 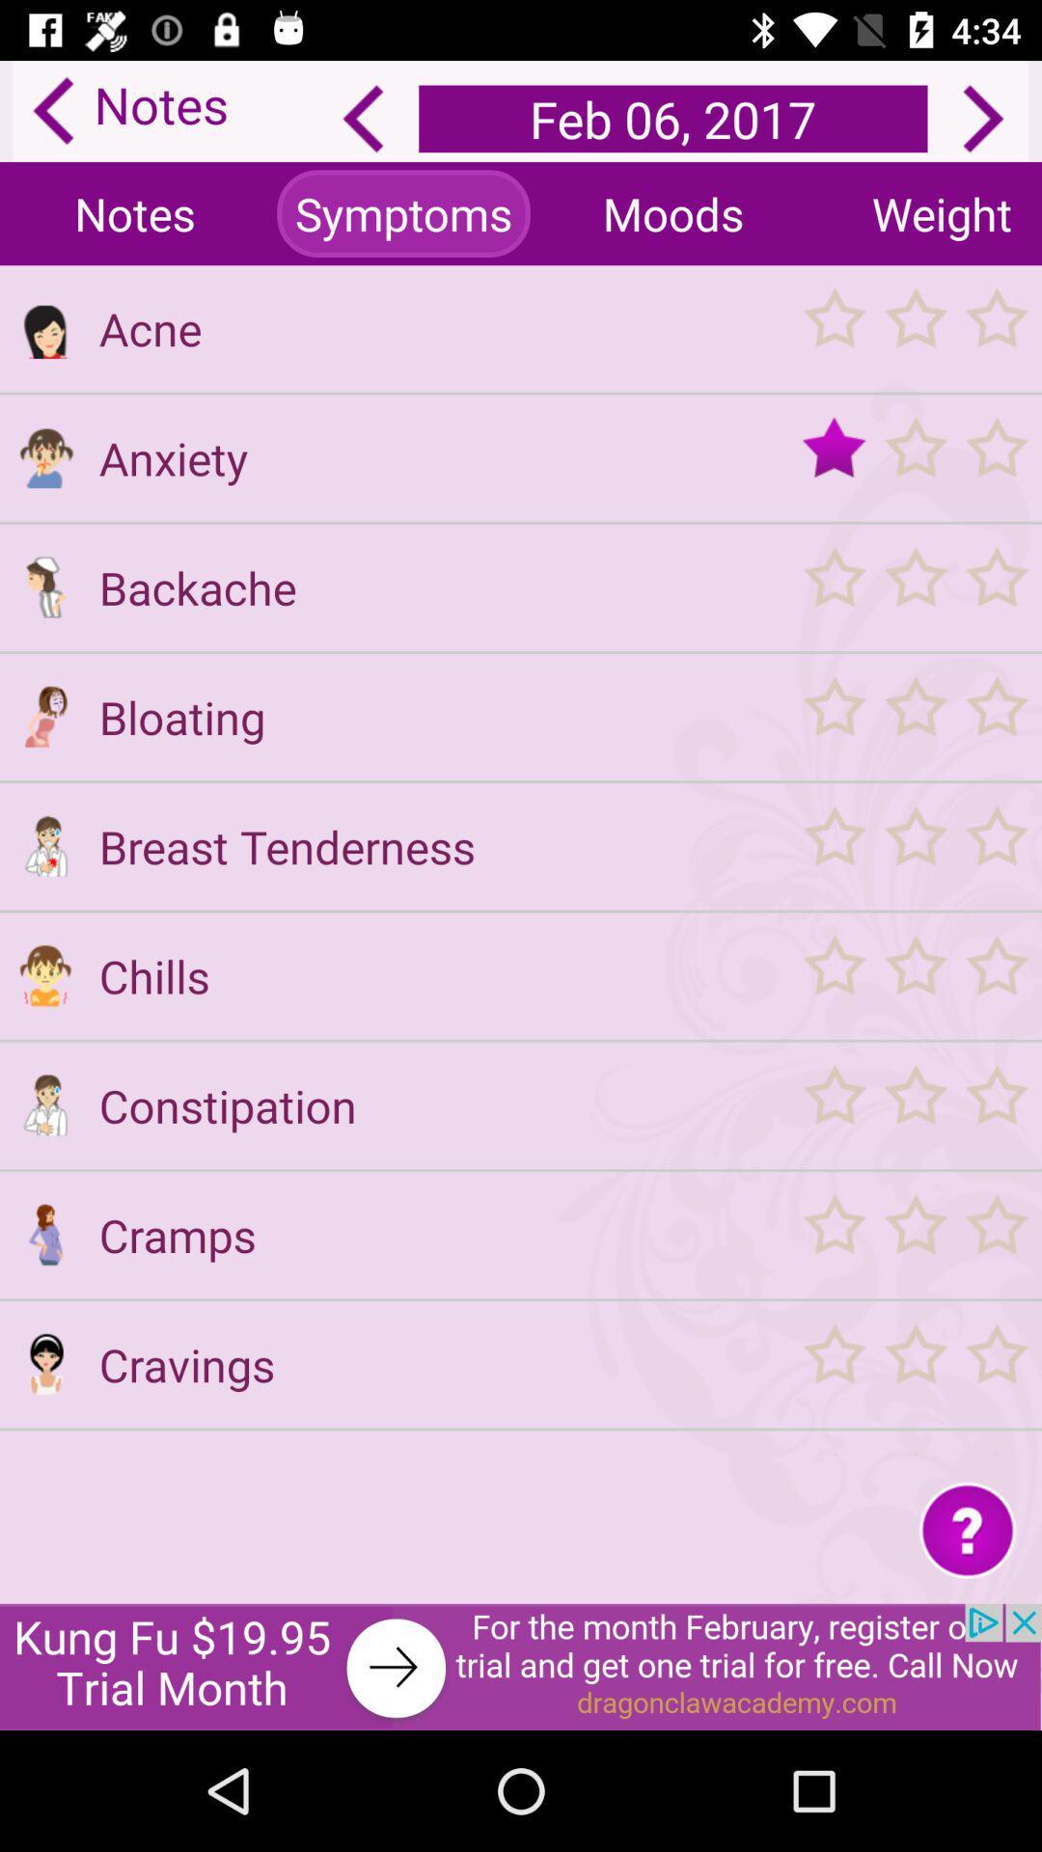 I want to click on choose symptom gravity, so click(x=914, y=1235).